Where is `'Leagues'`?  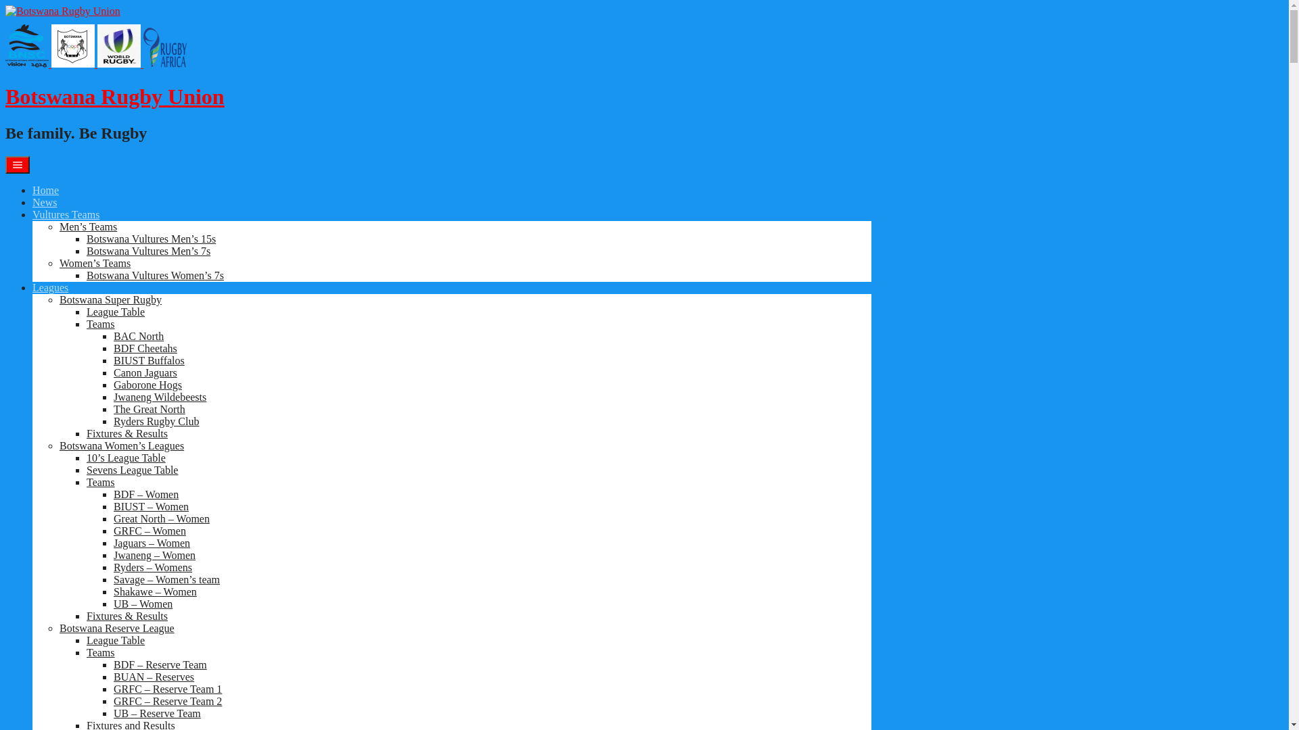 'Leagues' is located at coordinates (50, 287).